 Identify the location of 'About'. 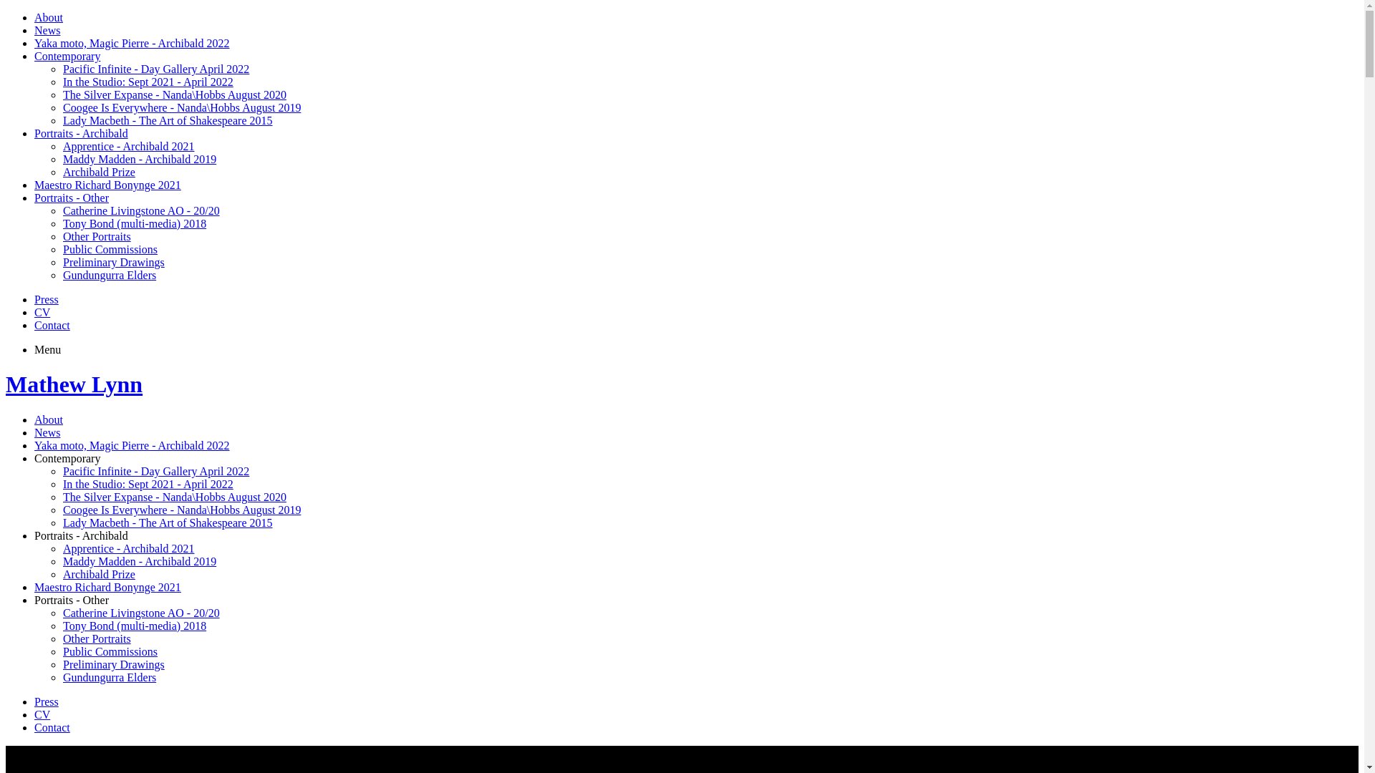
(48, 17).